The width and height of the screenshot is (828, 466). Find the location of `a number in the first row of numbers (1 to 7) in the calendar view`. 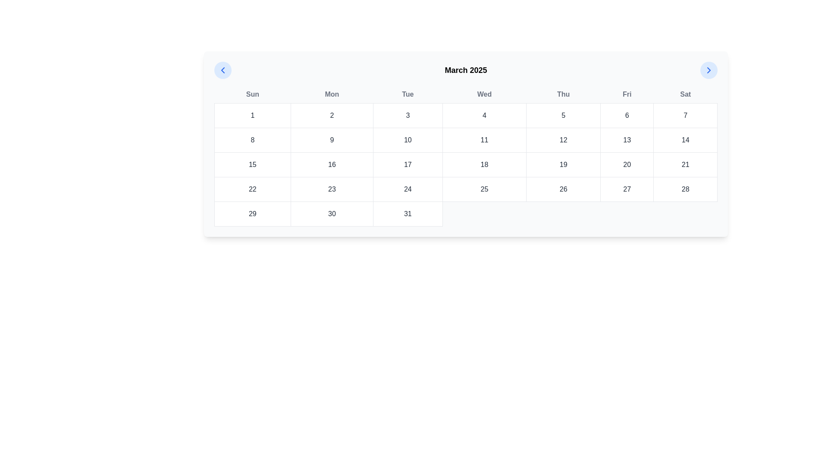

a number in the first row of numbers (1 to 7) in the calendar view is located at coordinates (465, 115).